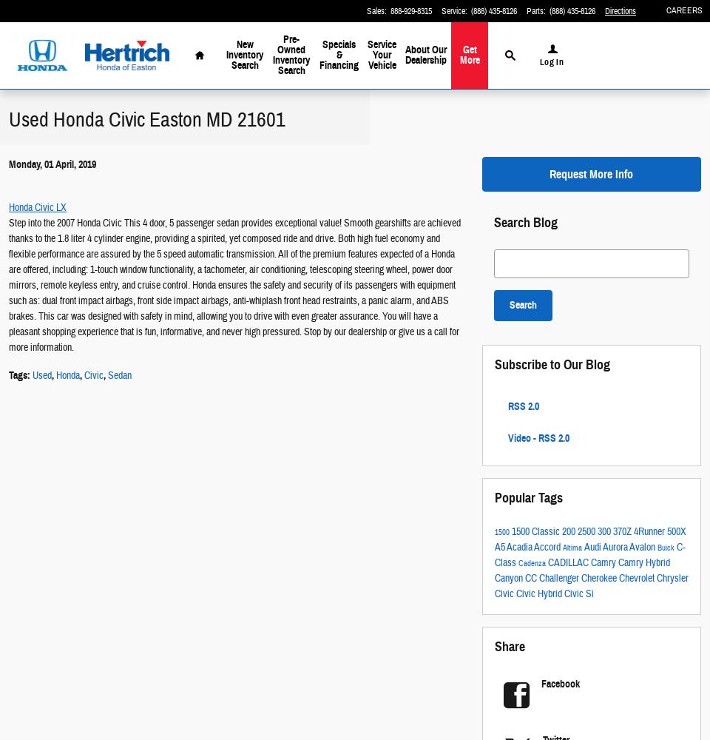  I want to click on 'Chevrolet', so click(637, 578).